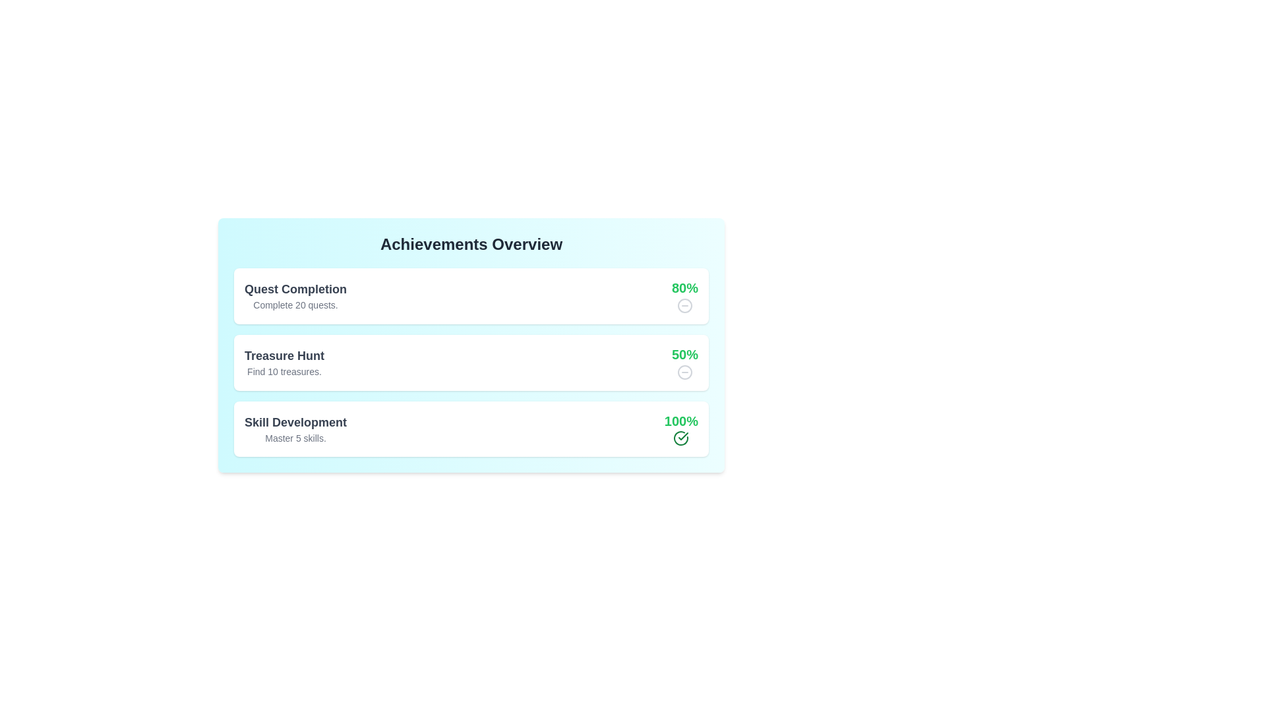  What do you see at coordinates (295, 289) in the screenshot?
I see `the achievement title text label indicating quest completion, positioned at the top left of the achievement card` at bounding box center [295, 289].